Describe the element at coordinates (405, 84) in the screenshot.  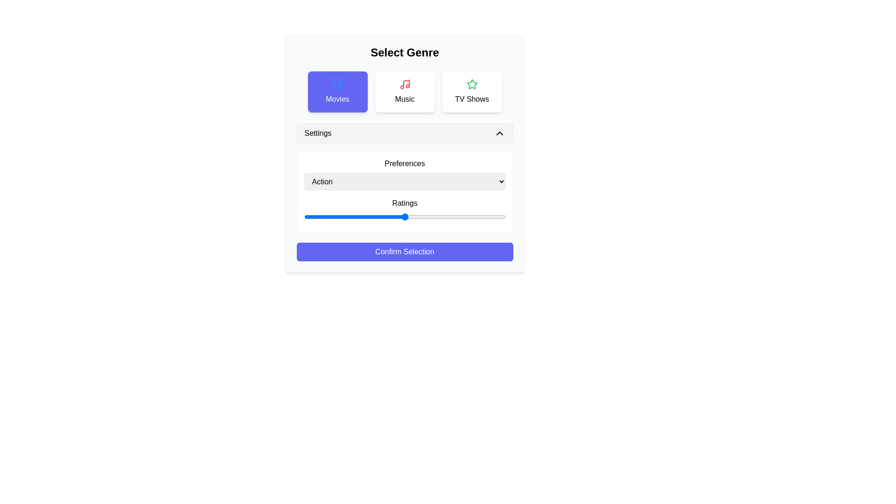
I see `the 'Music' genre selection button icon, which is positioned between the 'Movies' button on the left and the 'TV Shows' button on the right` at that location.